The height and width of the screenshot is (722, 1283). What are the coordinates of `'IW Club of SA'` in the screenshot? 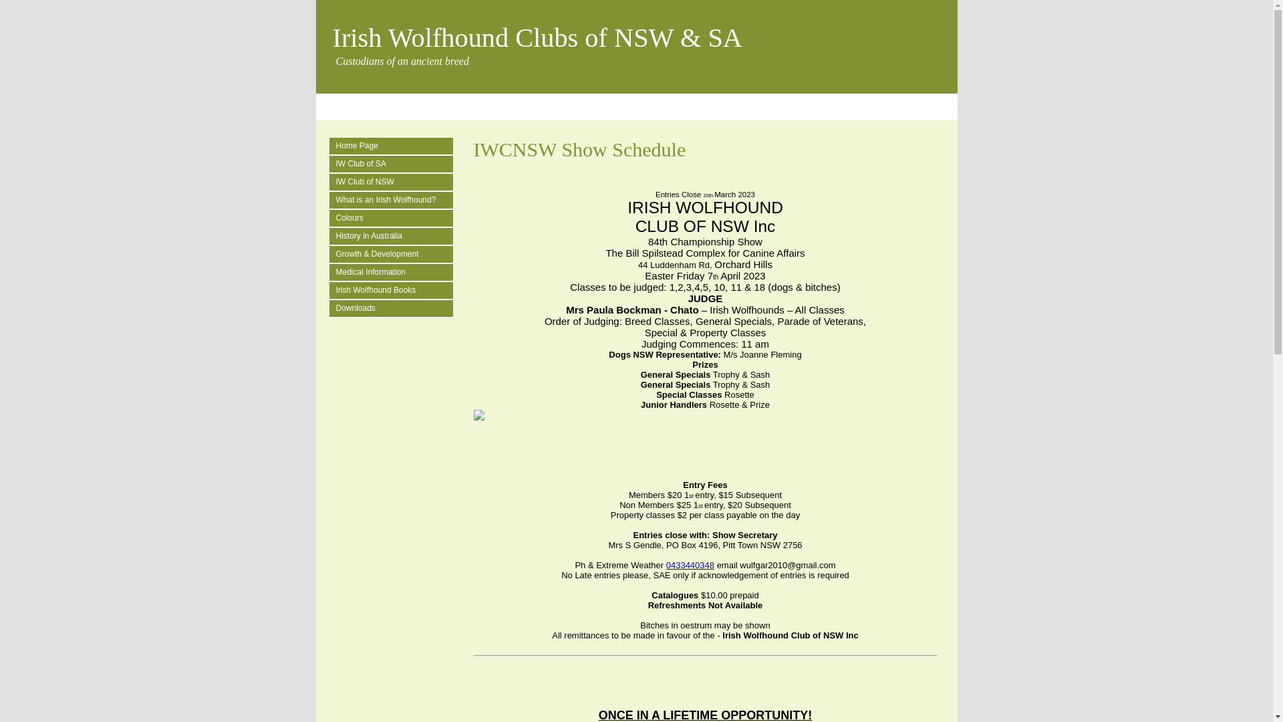 It's located at (393, 163).